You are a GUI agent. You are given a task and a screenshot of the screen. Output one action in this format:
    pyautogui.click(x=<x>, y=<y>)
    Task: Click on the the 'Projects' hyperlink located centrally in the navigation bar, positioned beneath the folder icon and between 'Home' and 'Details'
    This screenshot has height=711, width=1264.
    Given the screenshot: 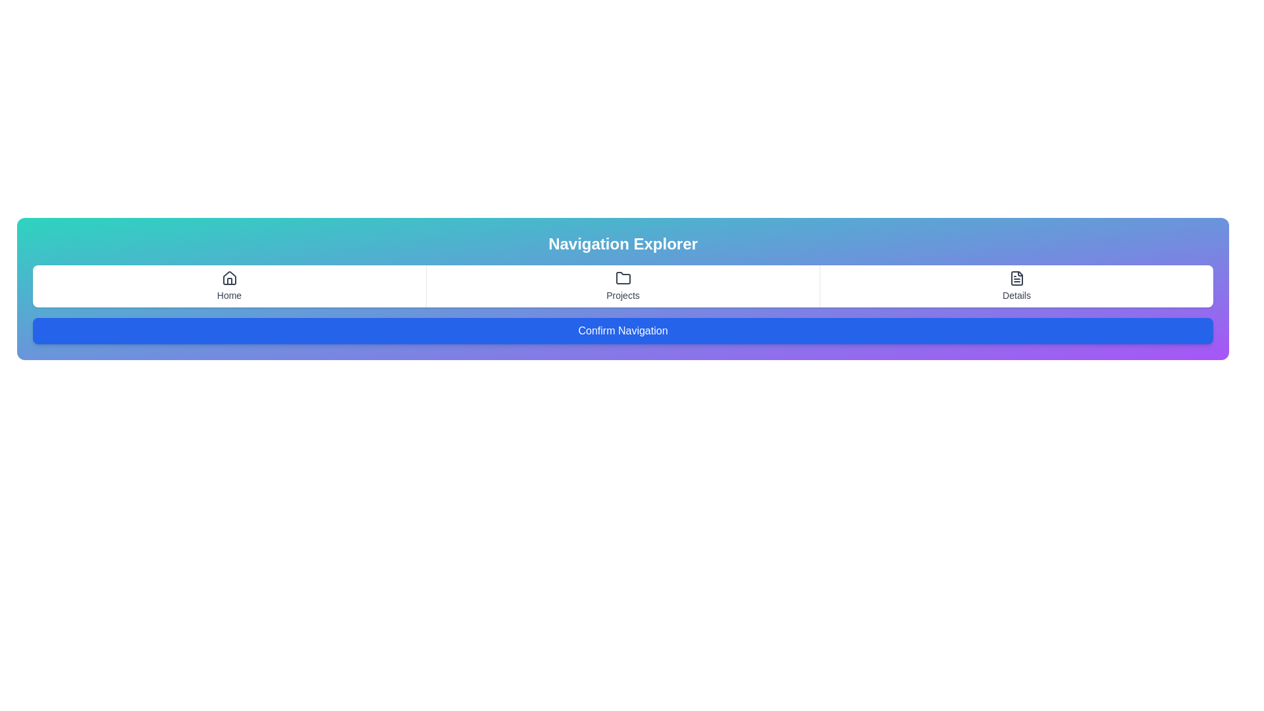 What is the action you would take?
    pyautogui.click(x=622, y=294)
    